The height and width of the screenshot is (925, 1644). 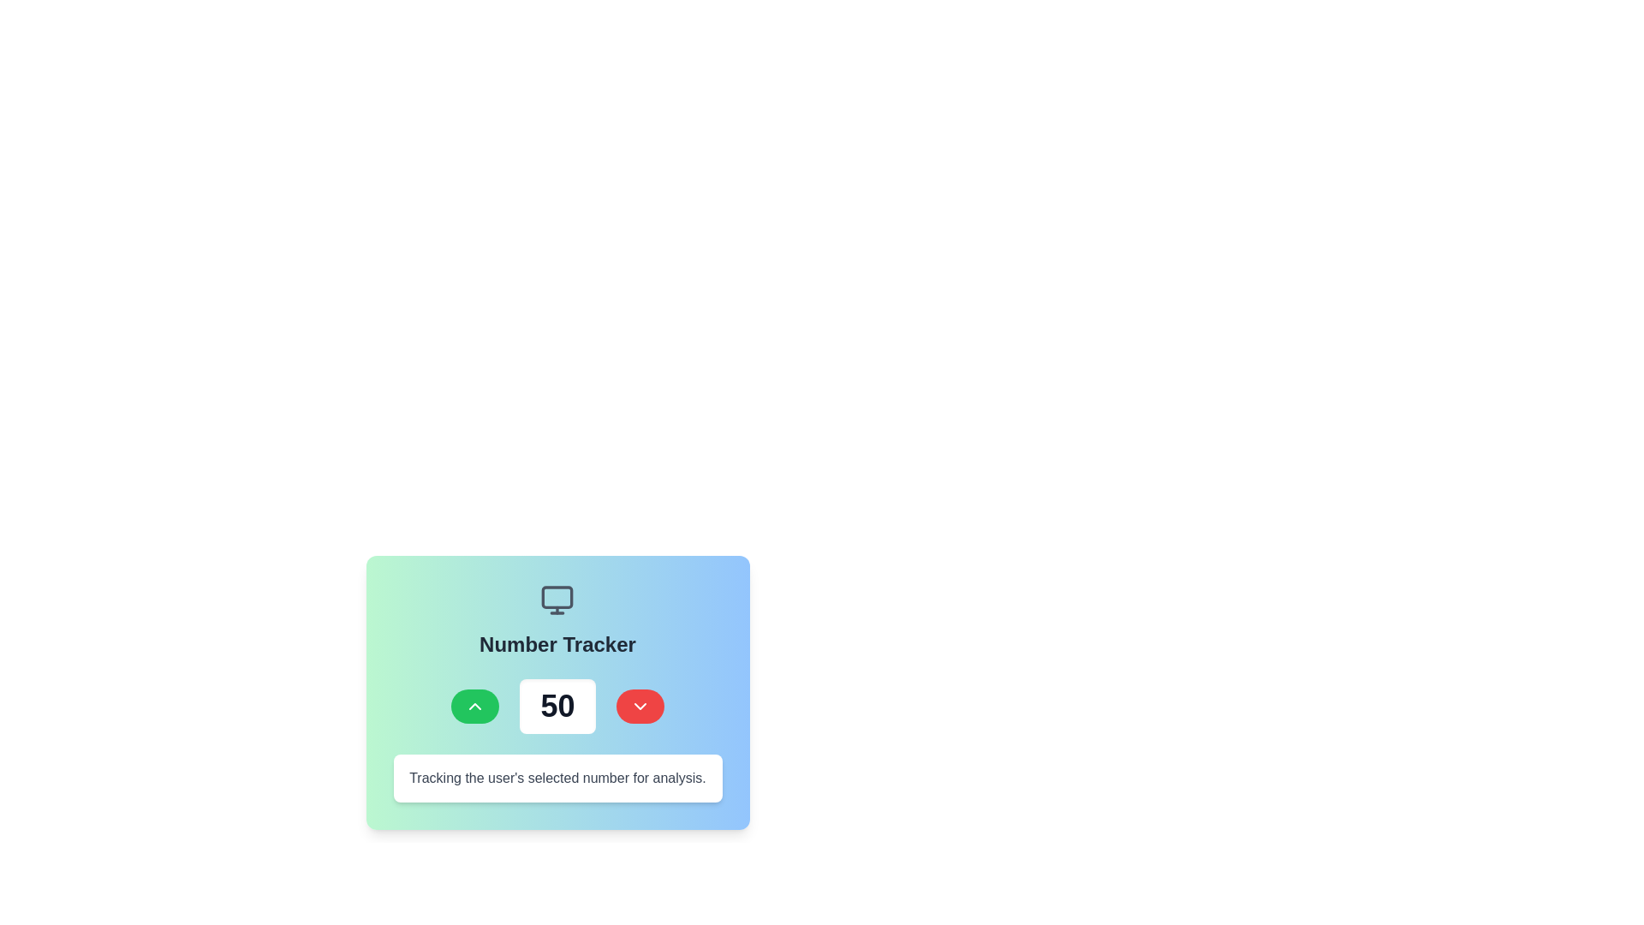 I want to click on descriptive Text label associated with the 'Number Tracker' feature, which is located at the bottom of the card containing the icon, centered text, numeric input, and arrow buttons, so click(x=557, y=779).